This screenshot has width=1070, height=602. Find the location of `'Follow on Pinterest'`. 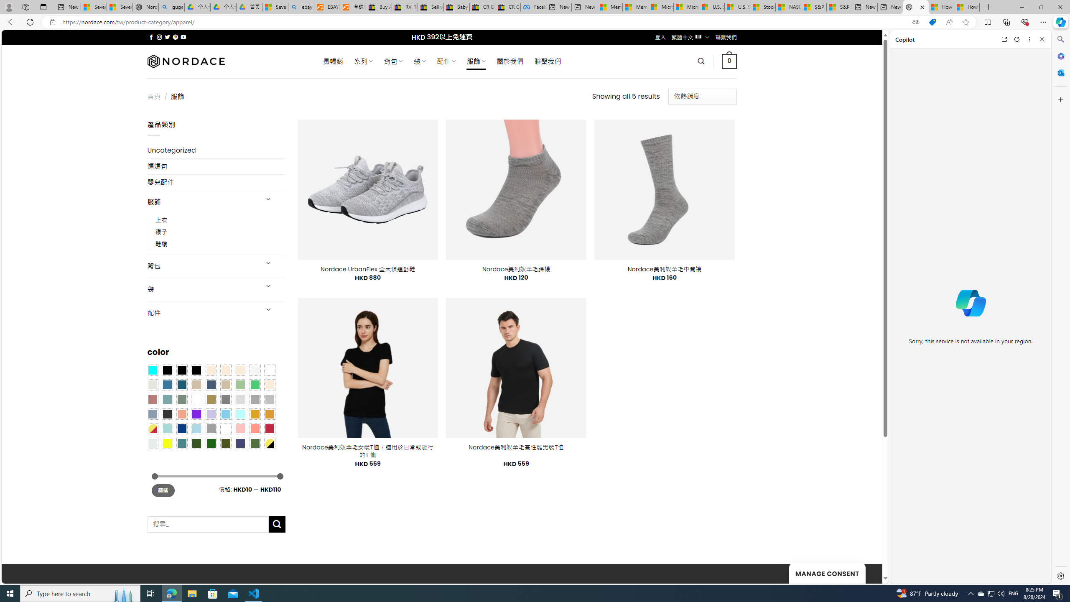

'Follow on Pinterest' is located at coordinates (174, 37).